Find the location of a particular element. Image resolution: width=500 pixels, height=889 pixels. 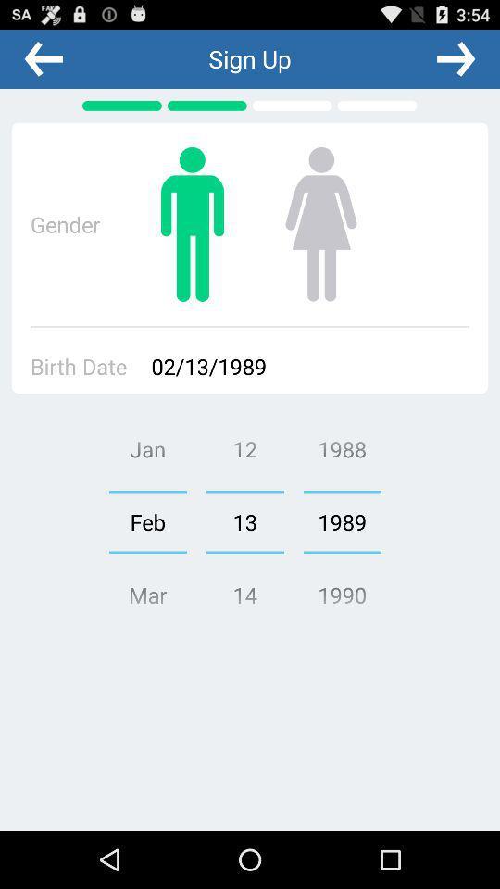

the app to the right of sign up is located at coordinates (455, 58).